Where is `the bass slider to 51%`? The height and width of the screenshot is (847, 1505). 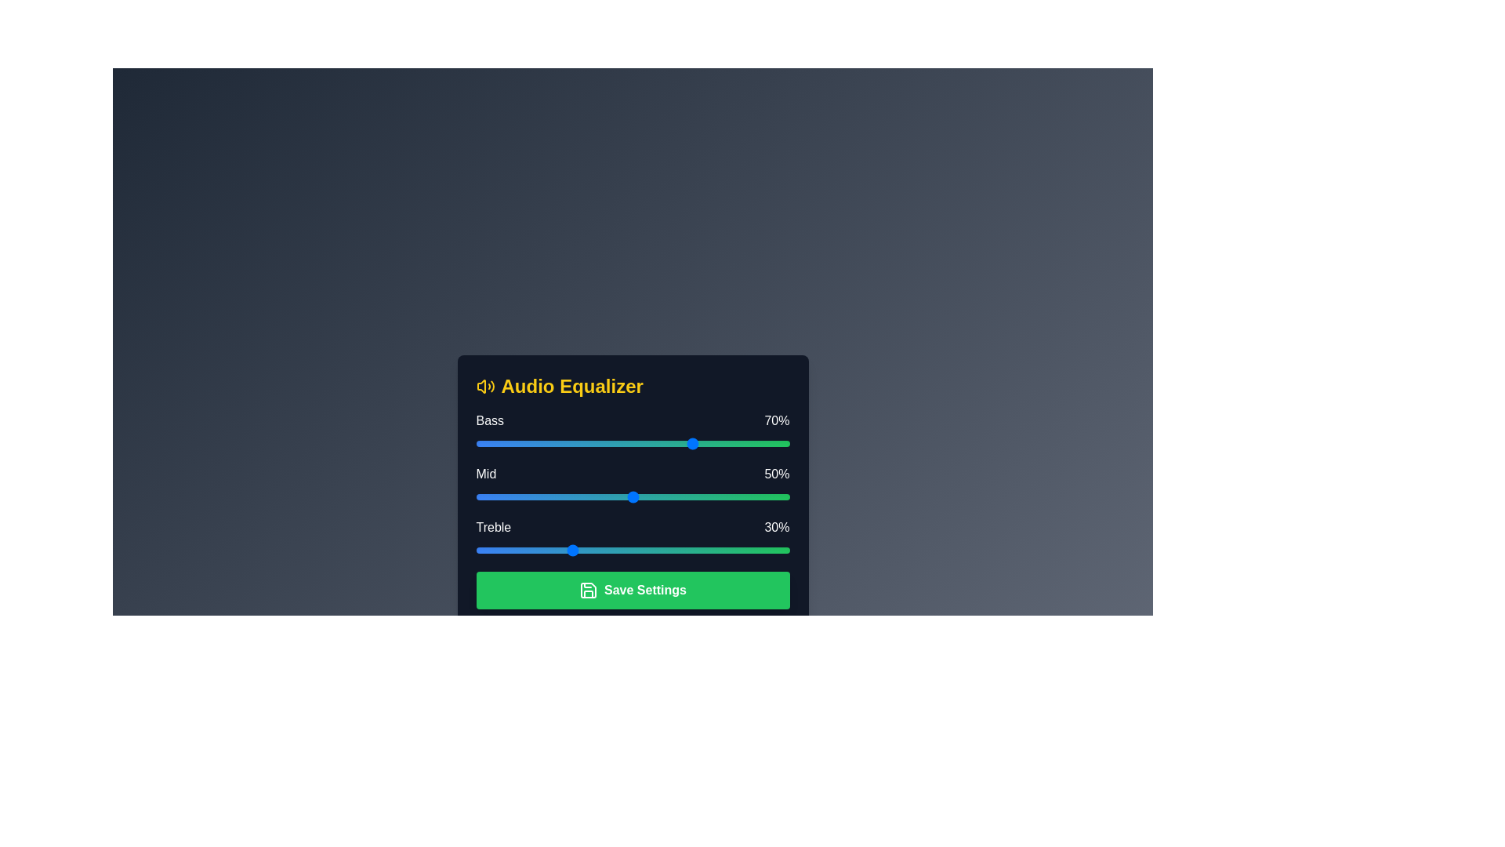
the bass slider to 51% is located at coordinates (636, 444).